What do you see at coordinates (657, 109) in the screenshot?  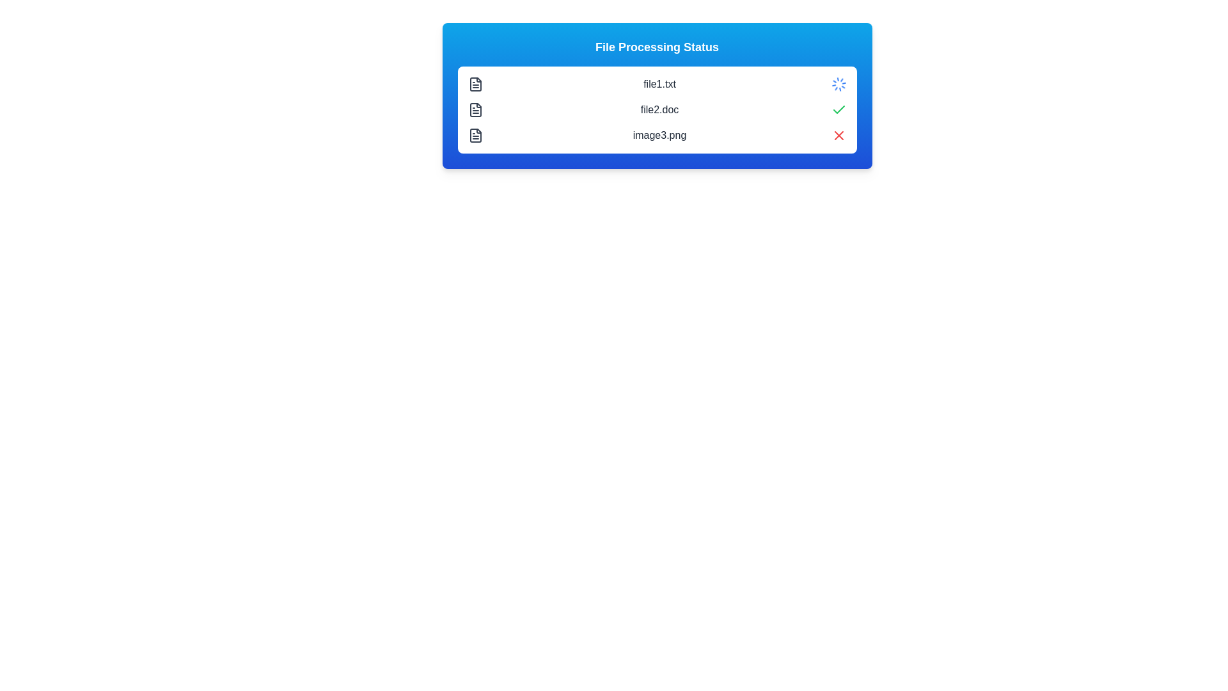 I see `filename 'file2.doc' and the status from the second row of the file entry list in the 'File Processing Status' panel` at bounding box center [657, 109].